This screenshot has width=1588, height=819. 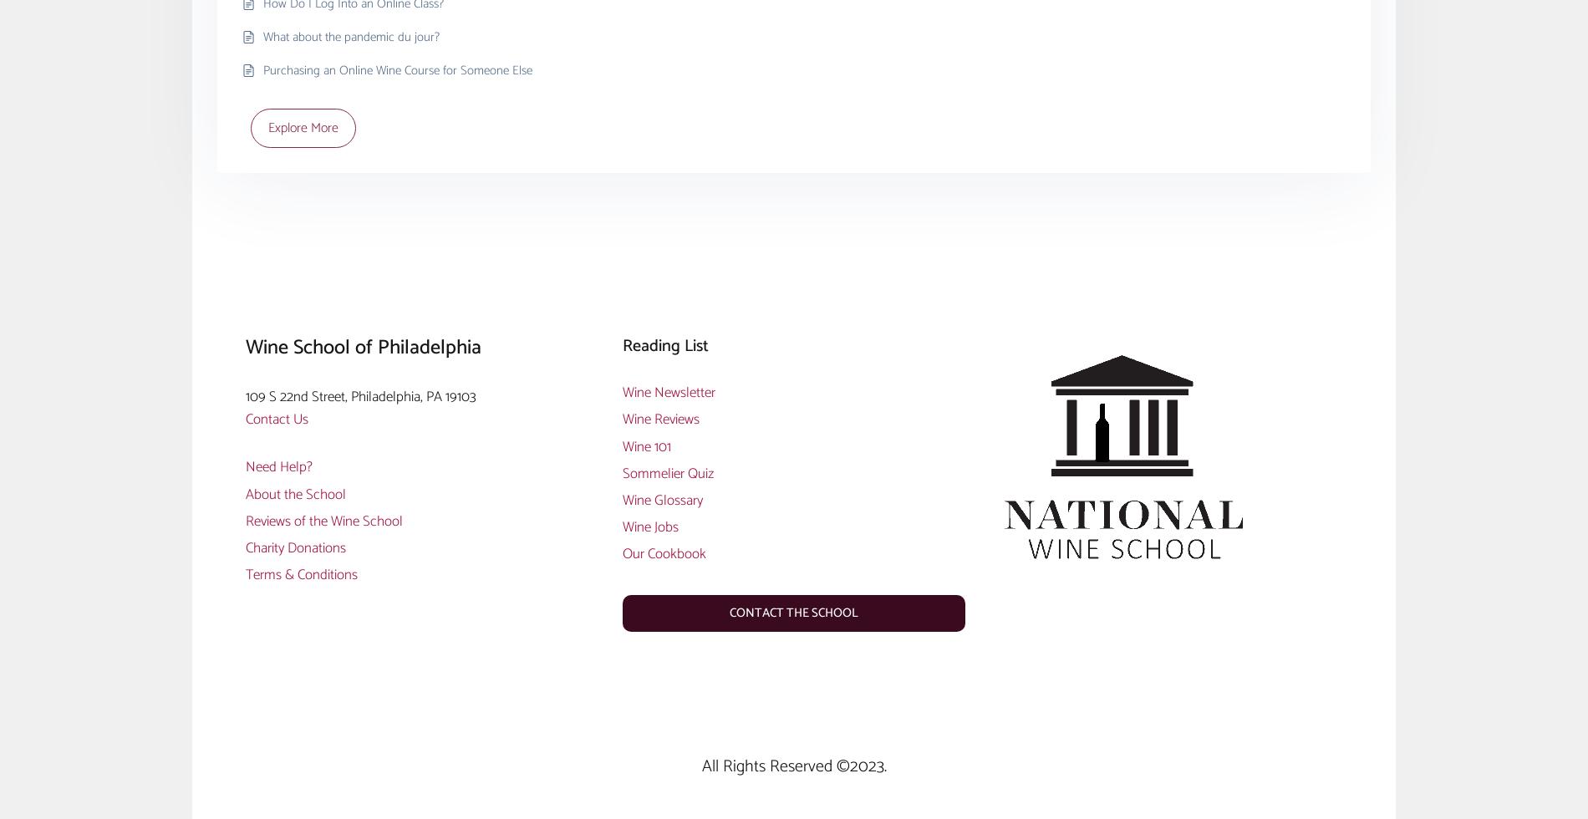 I want to click on 'Wine Glossary', so click(x=660, y=499).